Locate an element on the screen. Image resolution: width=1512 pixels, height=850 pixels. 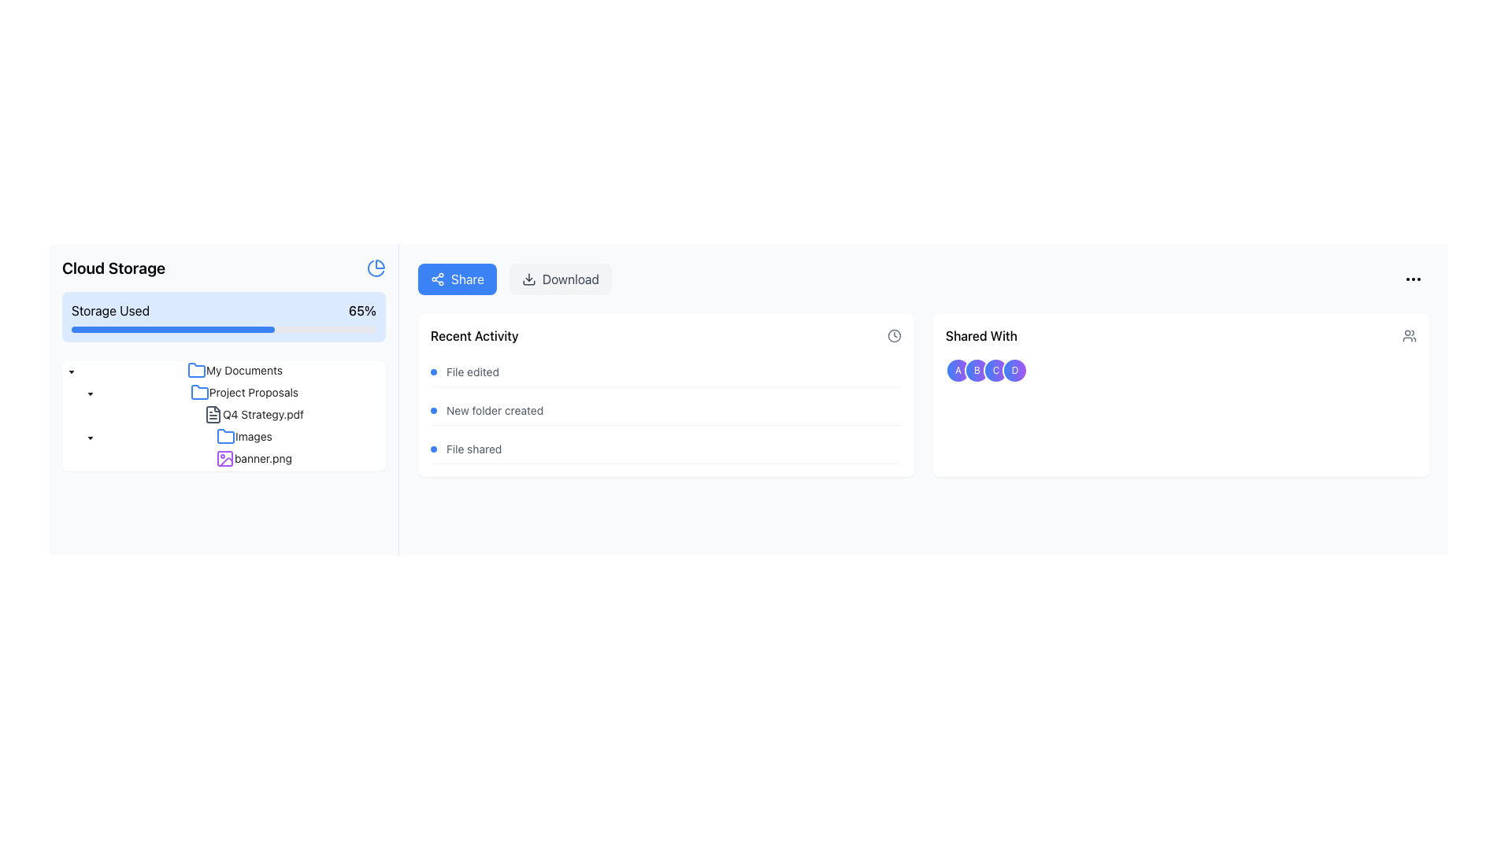
the horizontal progress bar in the 'Storage Used' section of the 'Cloud Storage' panel, which is located below the text 'Storage Used' and shows '65%' progress is located at coordinates (223, 329).